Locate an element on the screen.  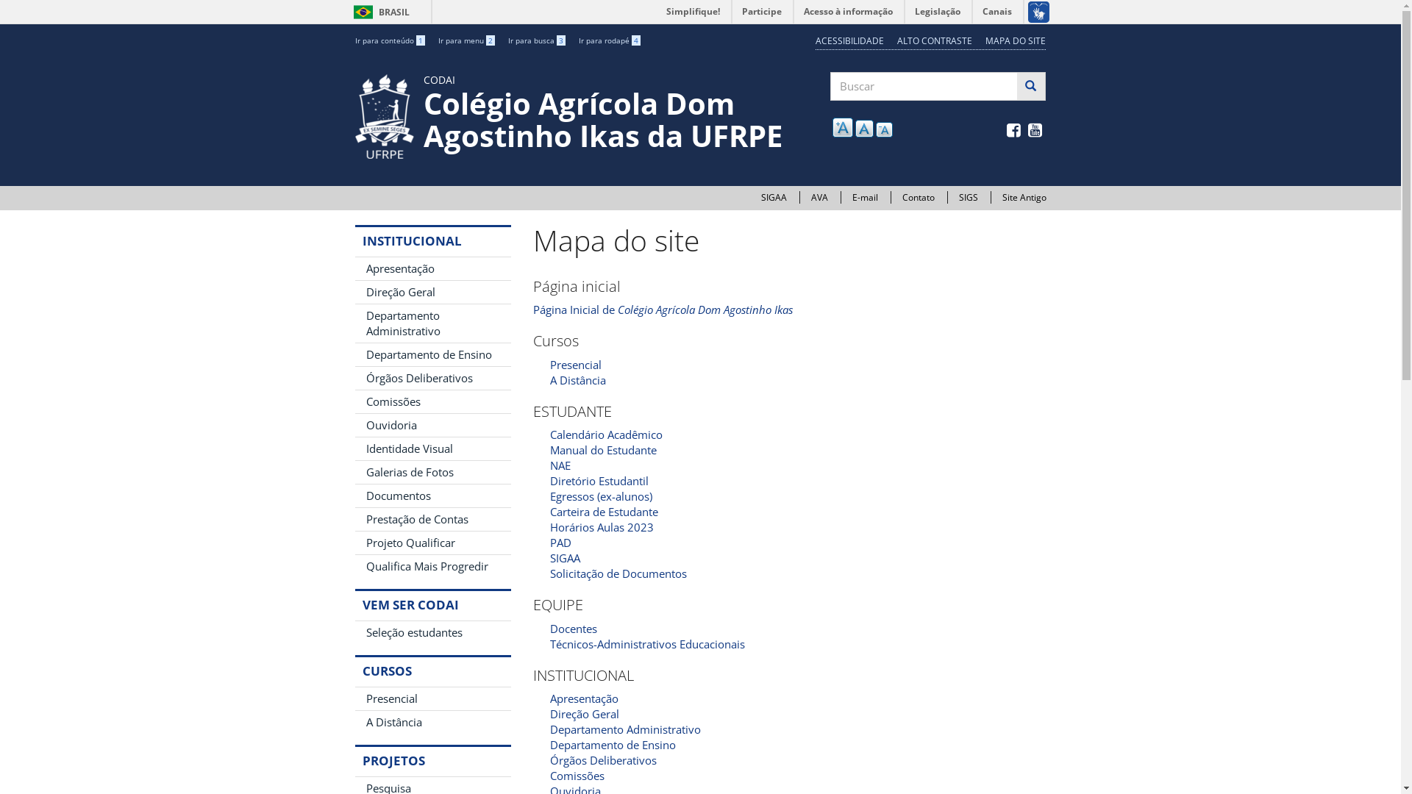
'Departamento de Ensino' is located at coordinates (613, 745).